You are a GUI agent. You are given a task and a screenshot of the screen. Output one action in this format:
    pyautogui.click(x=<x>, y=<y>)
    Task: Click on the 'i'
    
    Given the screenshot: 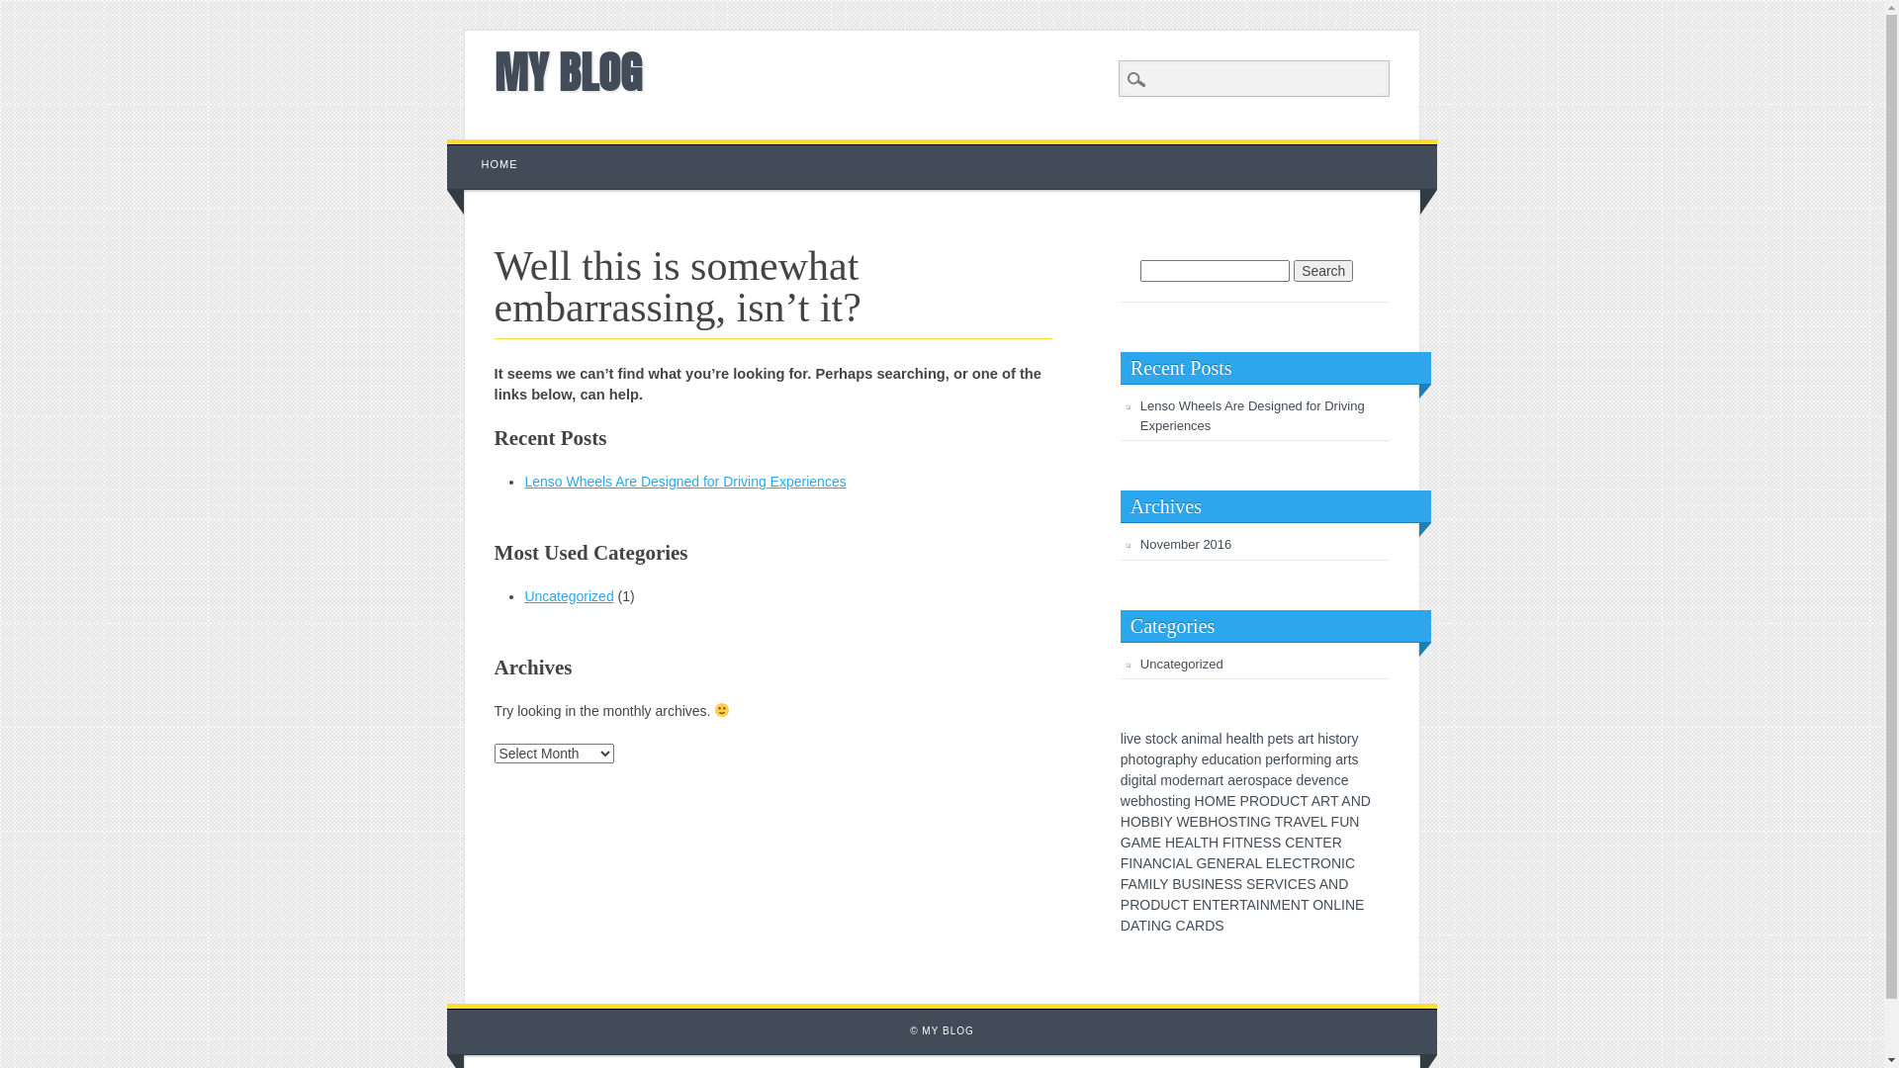 What is the action you would take?
    pyautogui.click(x=1125, y=739)
    